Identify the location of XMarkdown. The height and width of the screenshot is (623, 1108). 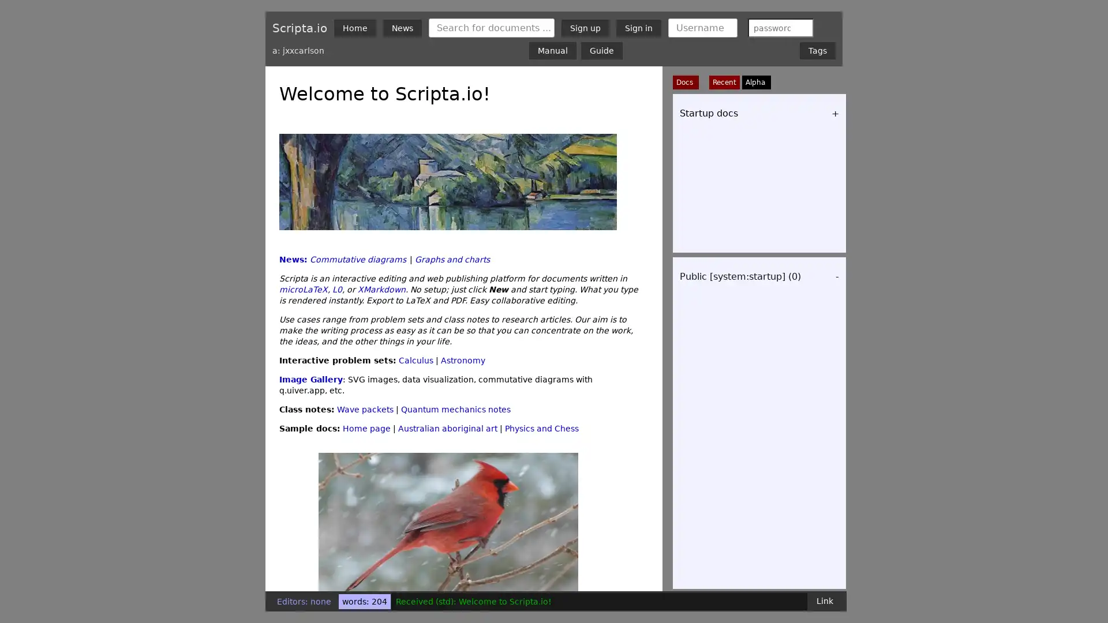
(381, 288).